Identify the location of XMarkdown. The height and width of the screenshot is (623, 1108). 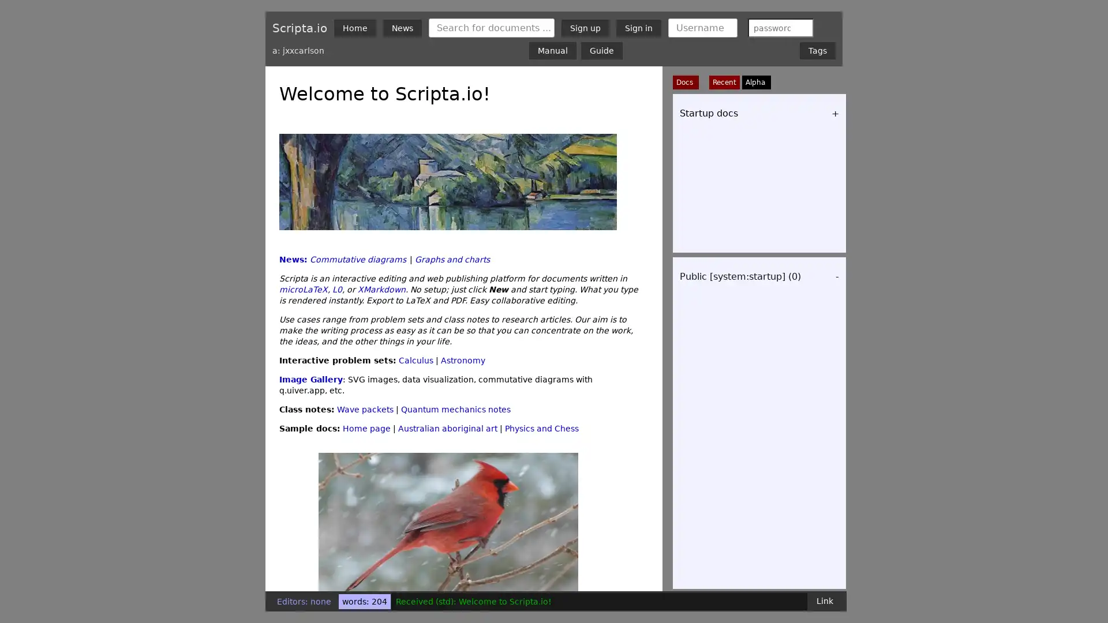
(381, 288).